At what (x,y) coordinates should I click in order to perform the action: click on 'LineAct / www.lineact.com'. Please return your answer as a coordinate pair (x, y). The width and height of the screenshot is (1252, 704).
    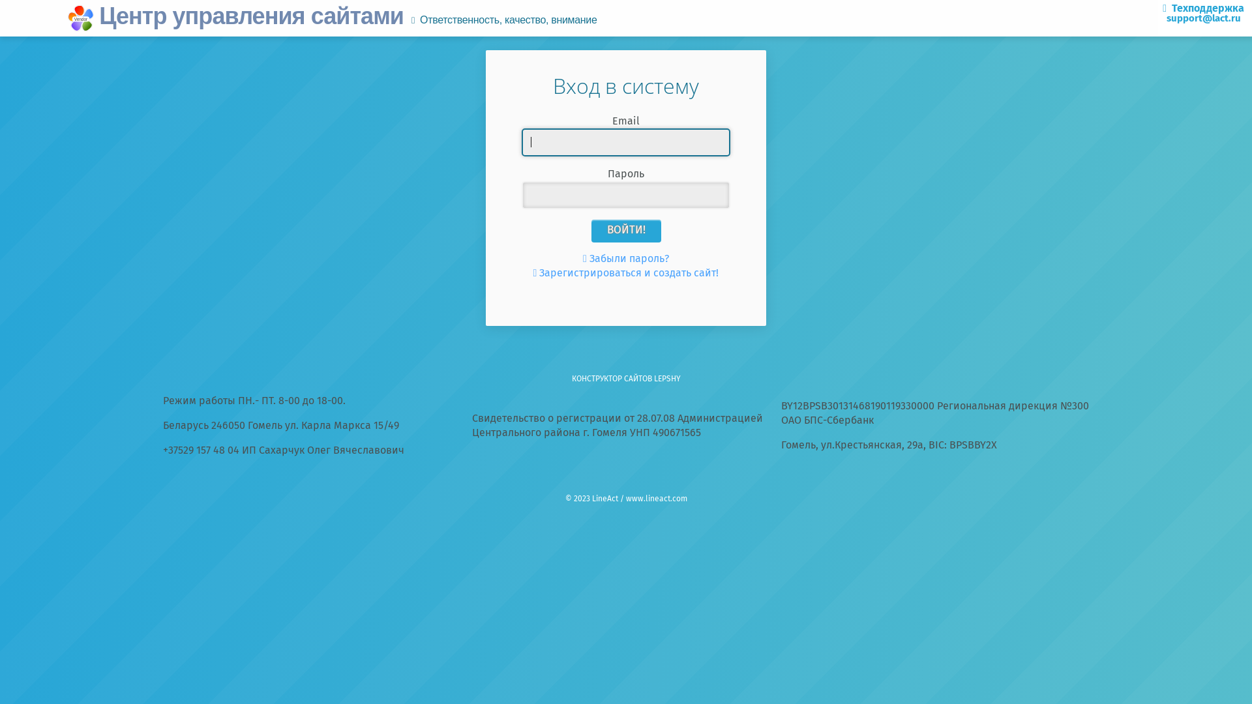
    Looking at the image, I should click on (591, 499).